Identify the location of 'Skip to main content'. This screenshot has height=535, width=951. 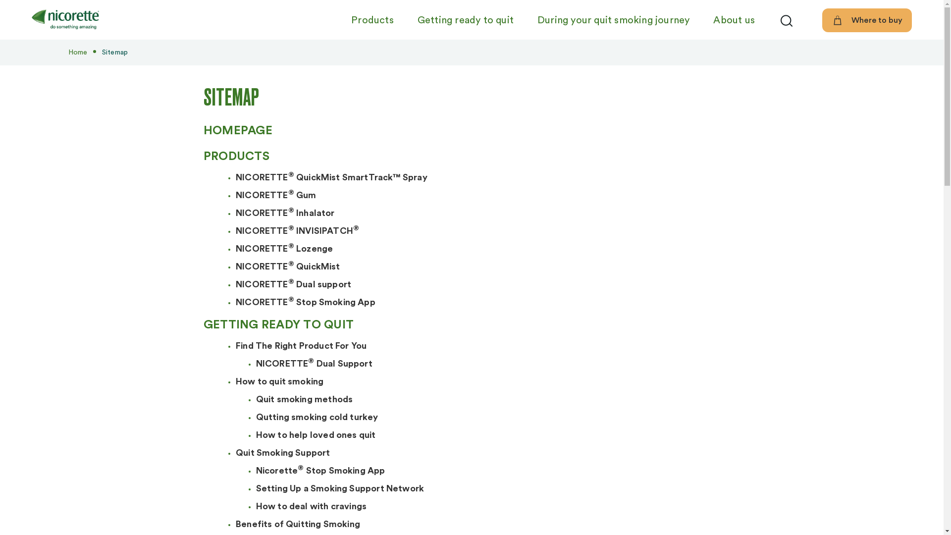
(33, 0).